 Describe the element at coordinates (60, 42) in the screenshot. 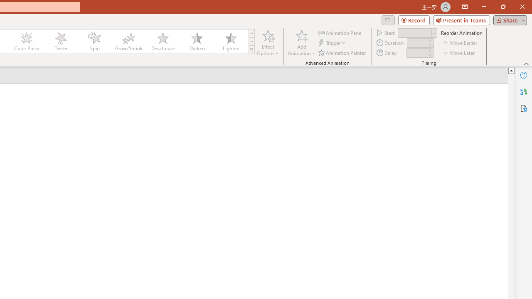

I see `'Teeter'` at that location.